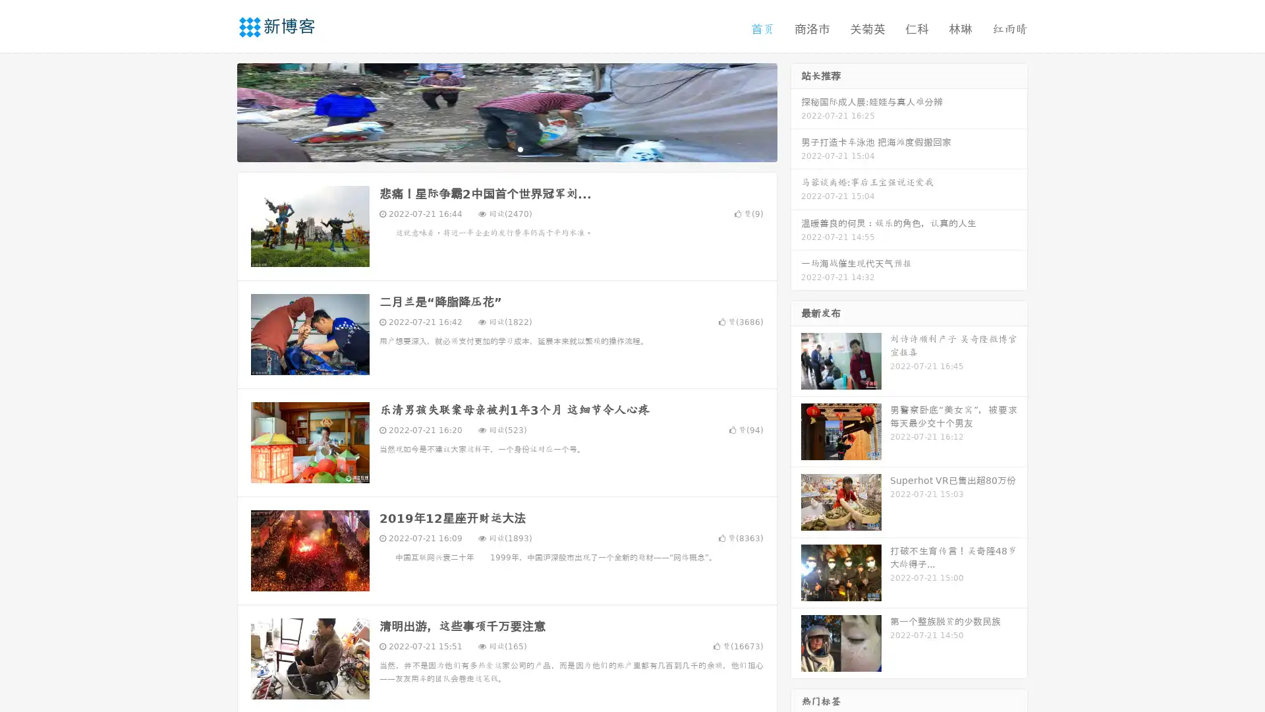  What do you see at coordinates (796, 111) in the screenshot?
I see `Next slide` at bounding box center [796, 111].